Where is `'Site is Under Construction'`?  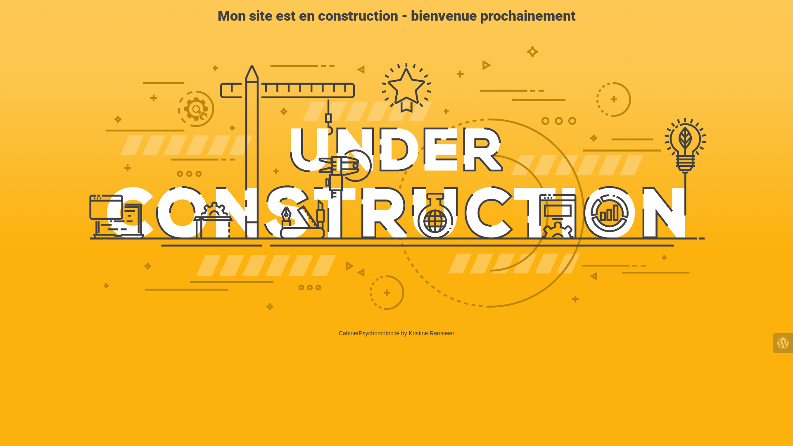
'Site is Under Construction' is located at coordinates (396, 178).